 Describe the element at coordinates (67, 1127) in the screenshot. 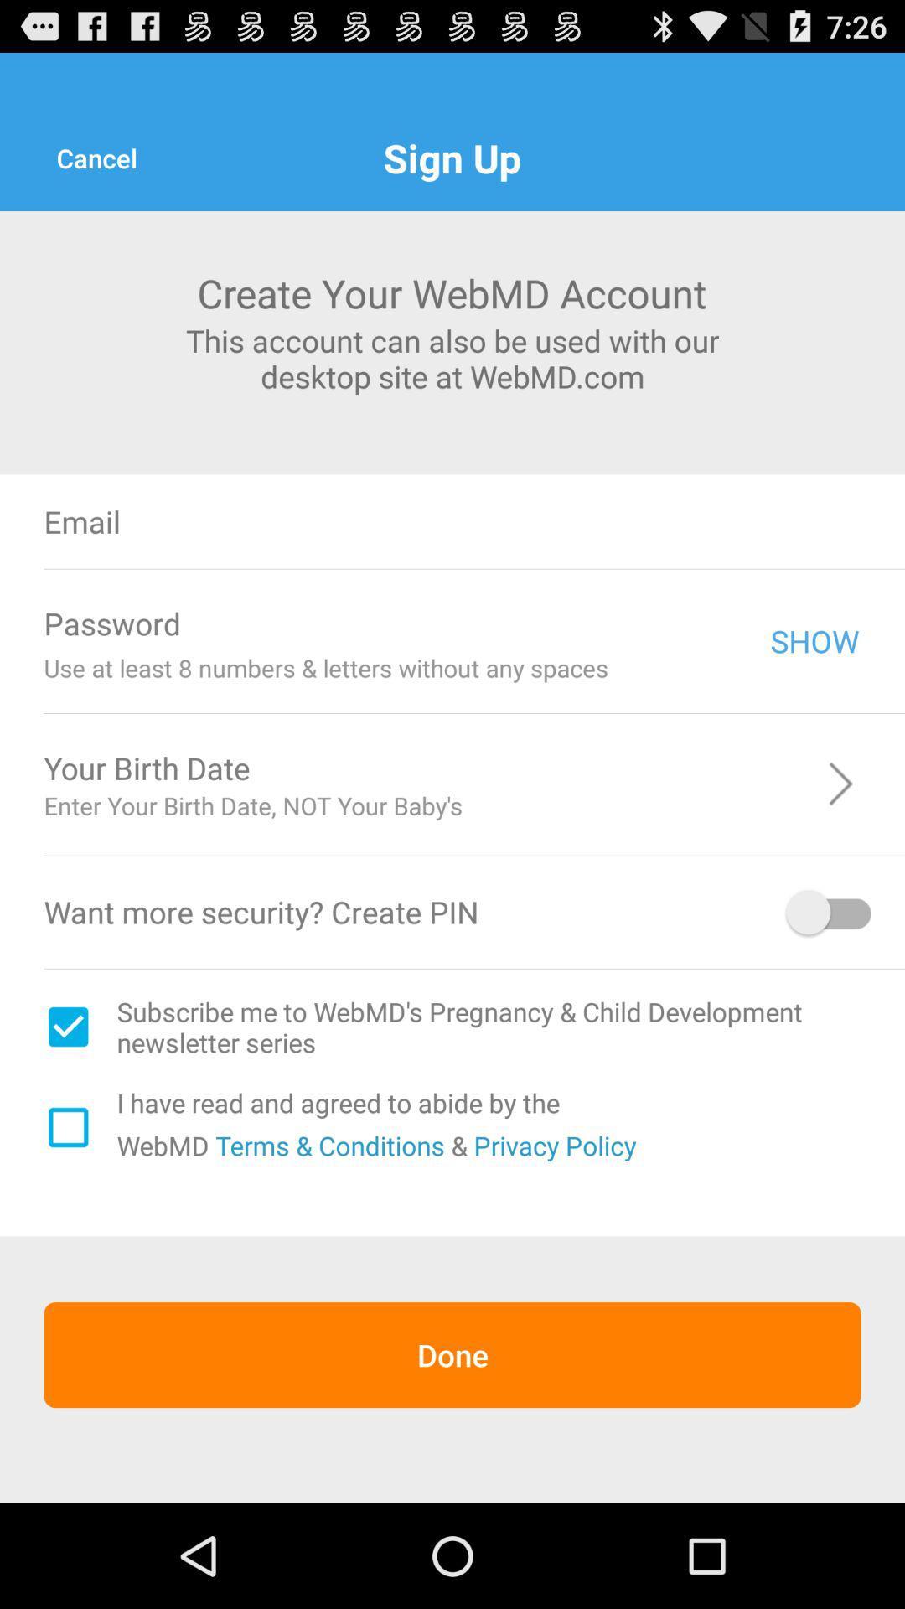

I see `check this box if you are agree to t c` at that location.